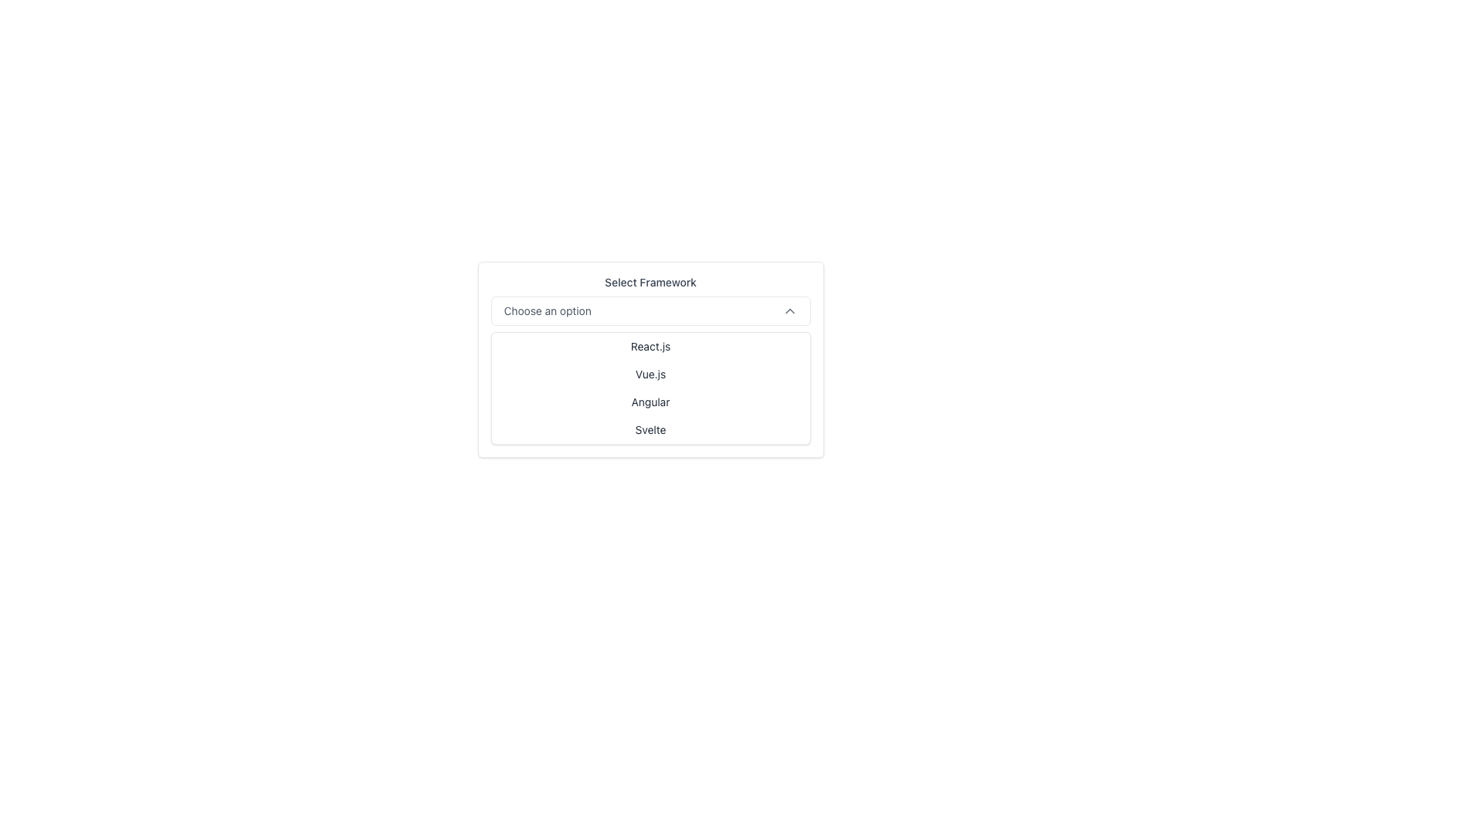 This screenshot has height=834, width=1483. I want to click on the dropdown menu labeled 'Select Framework', so click(650, 387).